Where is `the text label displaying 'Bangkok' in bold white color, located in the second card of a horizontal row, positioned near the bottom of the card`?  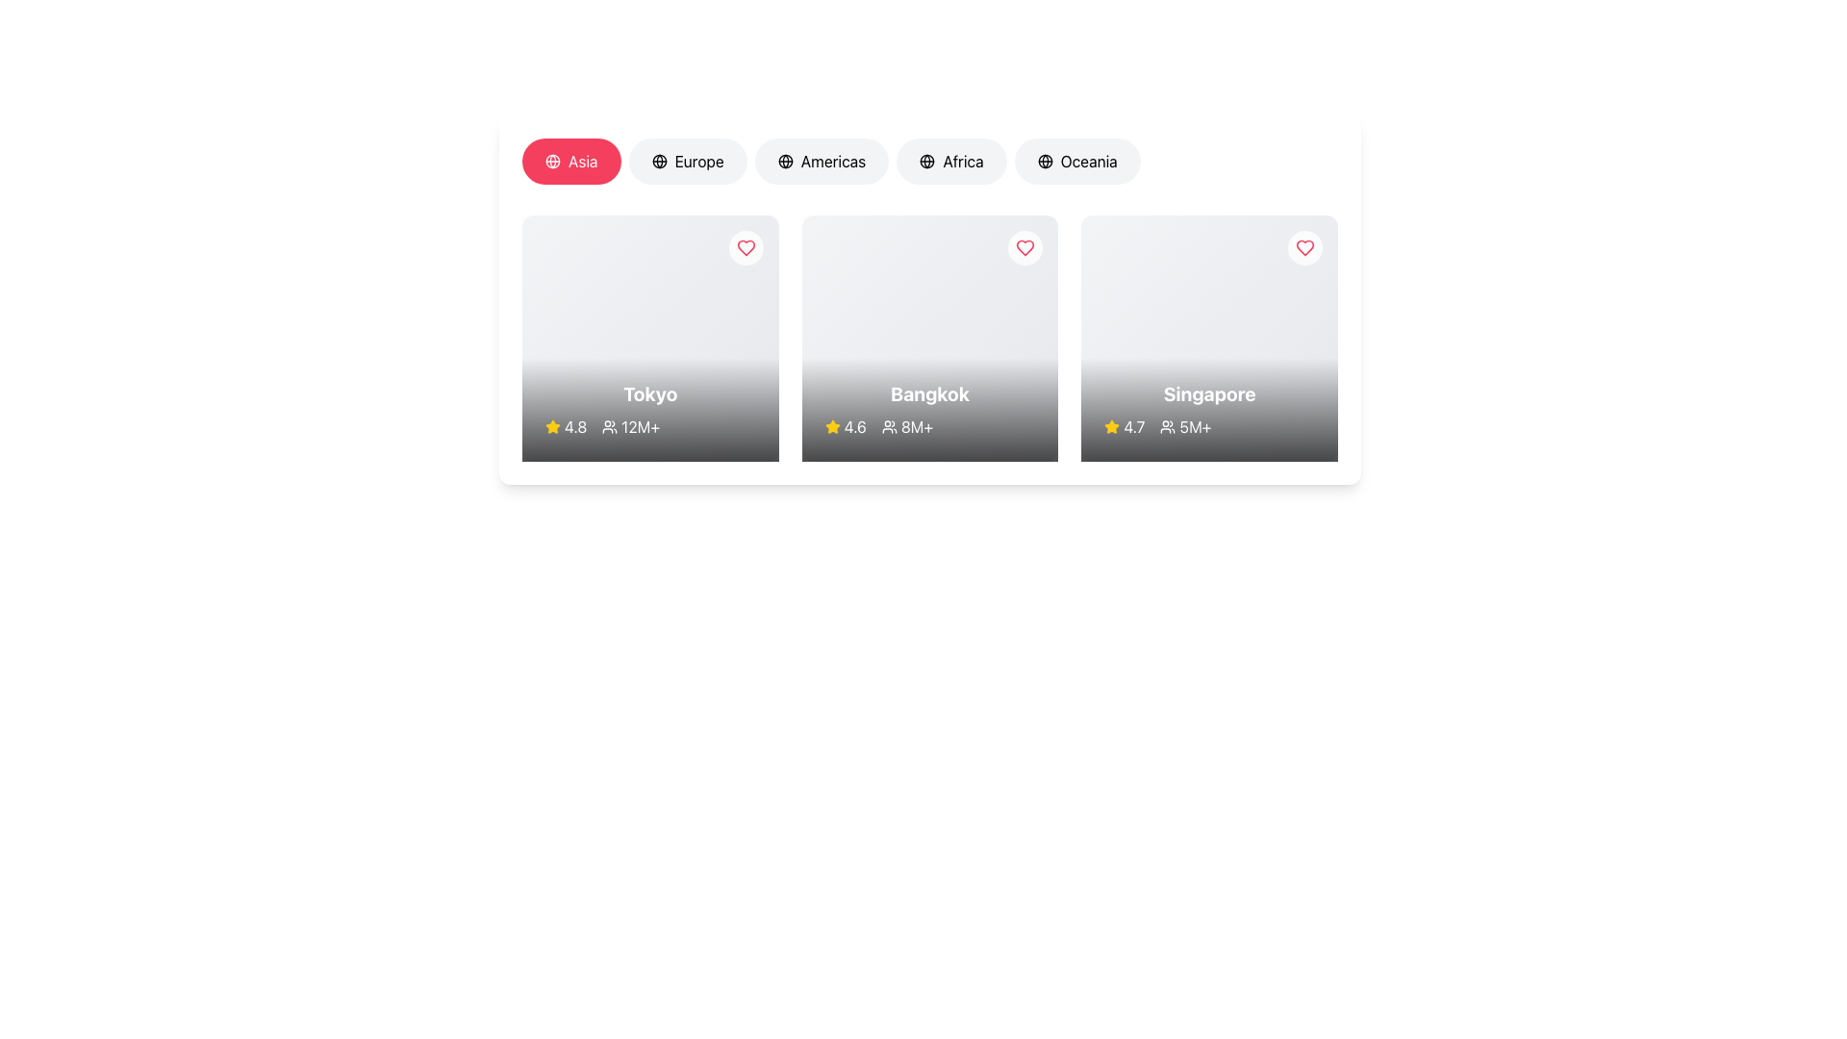
the text label displaying 'Bangkok' in bold white color, located in the second card of a horizontal row, positioned near the bottom of the card is located at coordinates (929, 393).